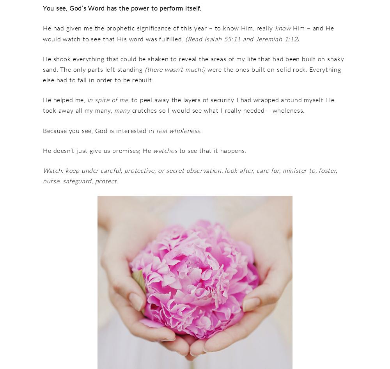 The image size is (390, 369). What do you see at coordinates (122, 110) in the screenshot?
I see `'many'` at bounding box center [122, 110].